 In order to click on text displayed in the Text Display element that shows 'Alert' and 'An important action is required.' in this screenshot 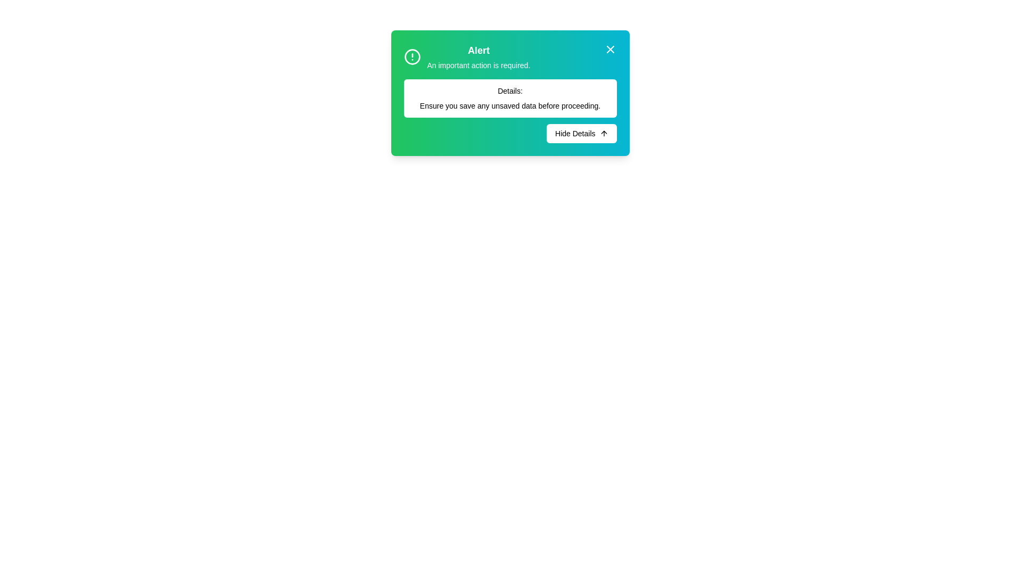, I will do `click(478, 57)`.